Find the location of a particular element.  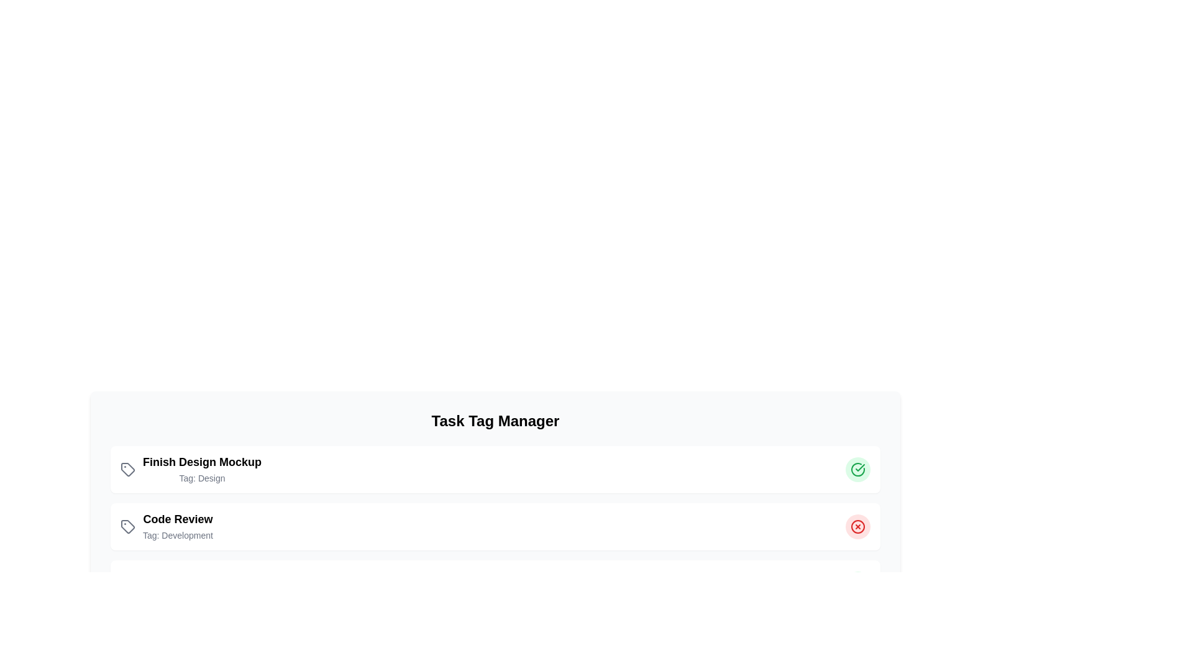

the text content displaying 'Finish Design Mockup' and 'Tag: Design' is located at coordinates (202, 470).